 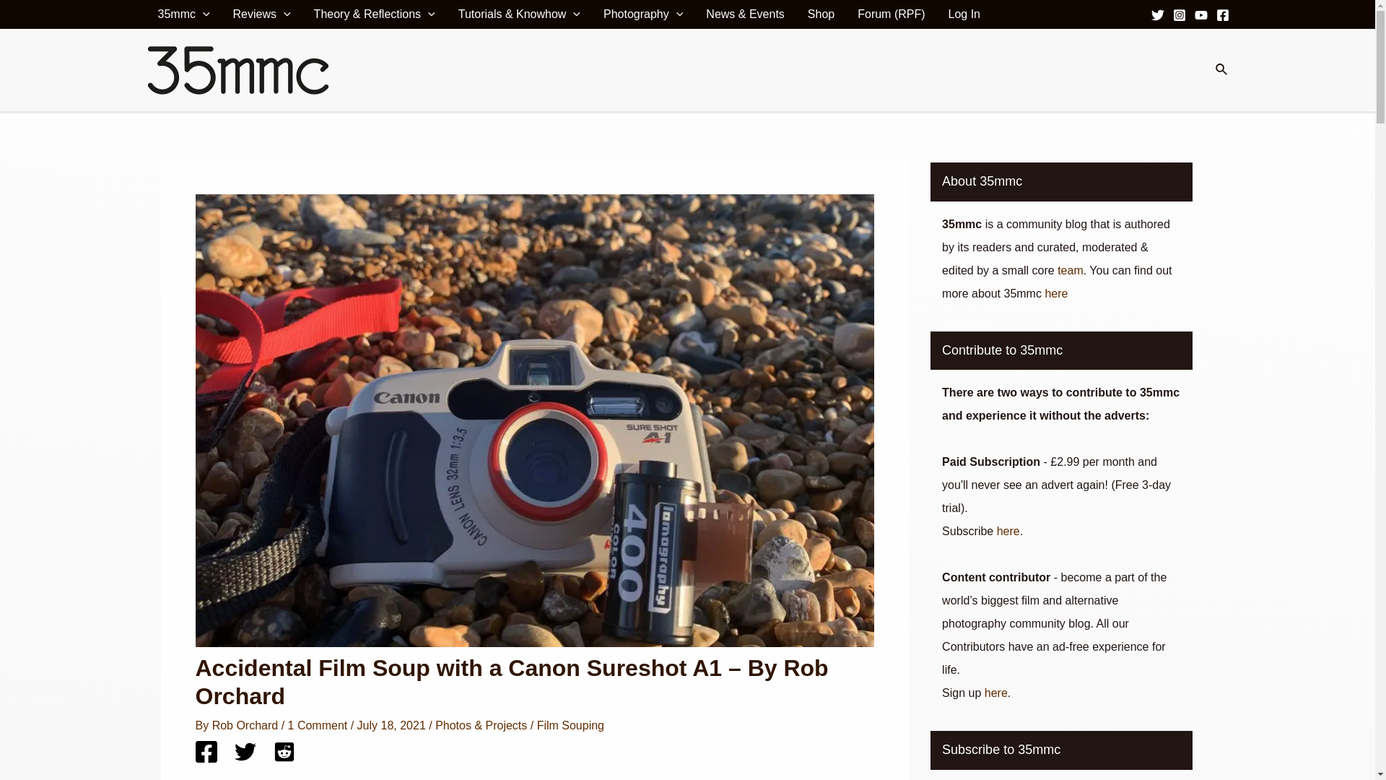 What do you see at coordinates (983, 692) in the screenshot?
I see `'here'` at bounding box center [983, 692].